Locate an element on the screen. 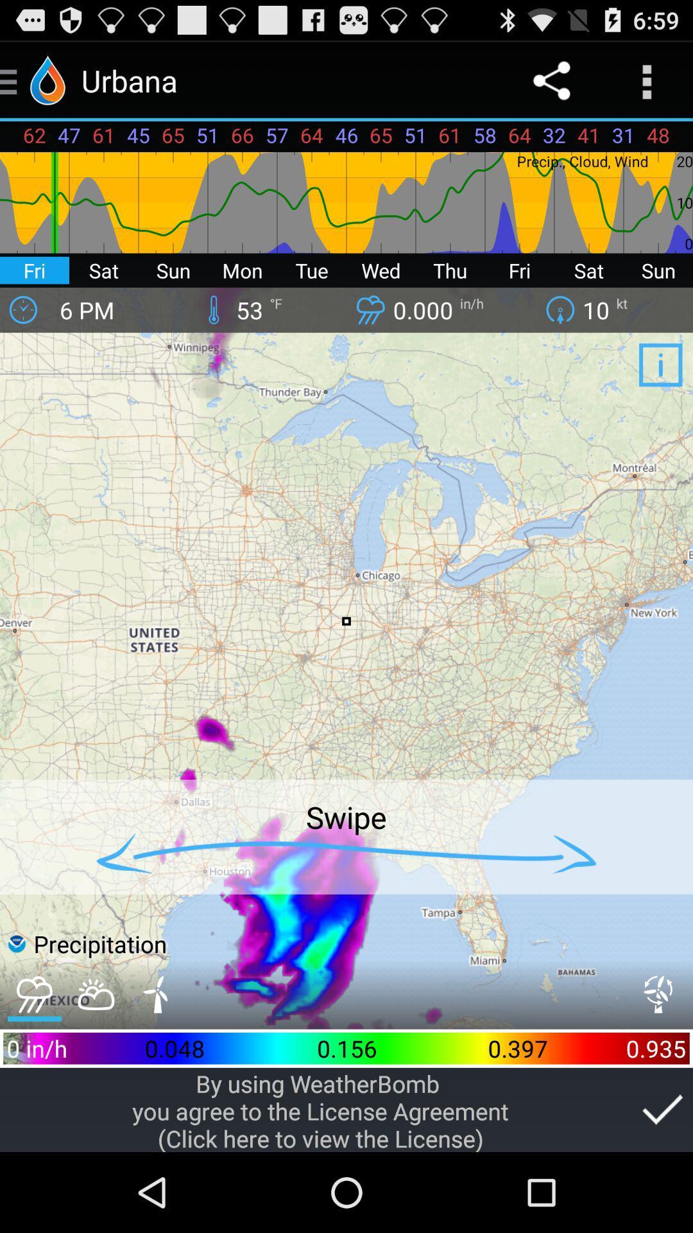  app below kt icon is located at coordinates (660, 364).